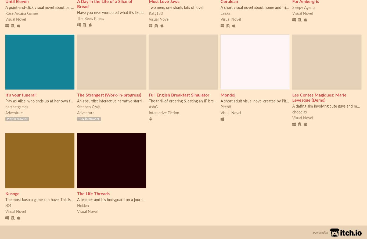 The image size is (367, 239). Describe the element at coordinates (158, 199) in the screenshot. I see `'A teacher and his bodyguard on a journey across the desert sands, what sort of fate awaits them?'` at that location.